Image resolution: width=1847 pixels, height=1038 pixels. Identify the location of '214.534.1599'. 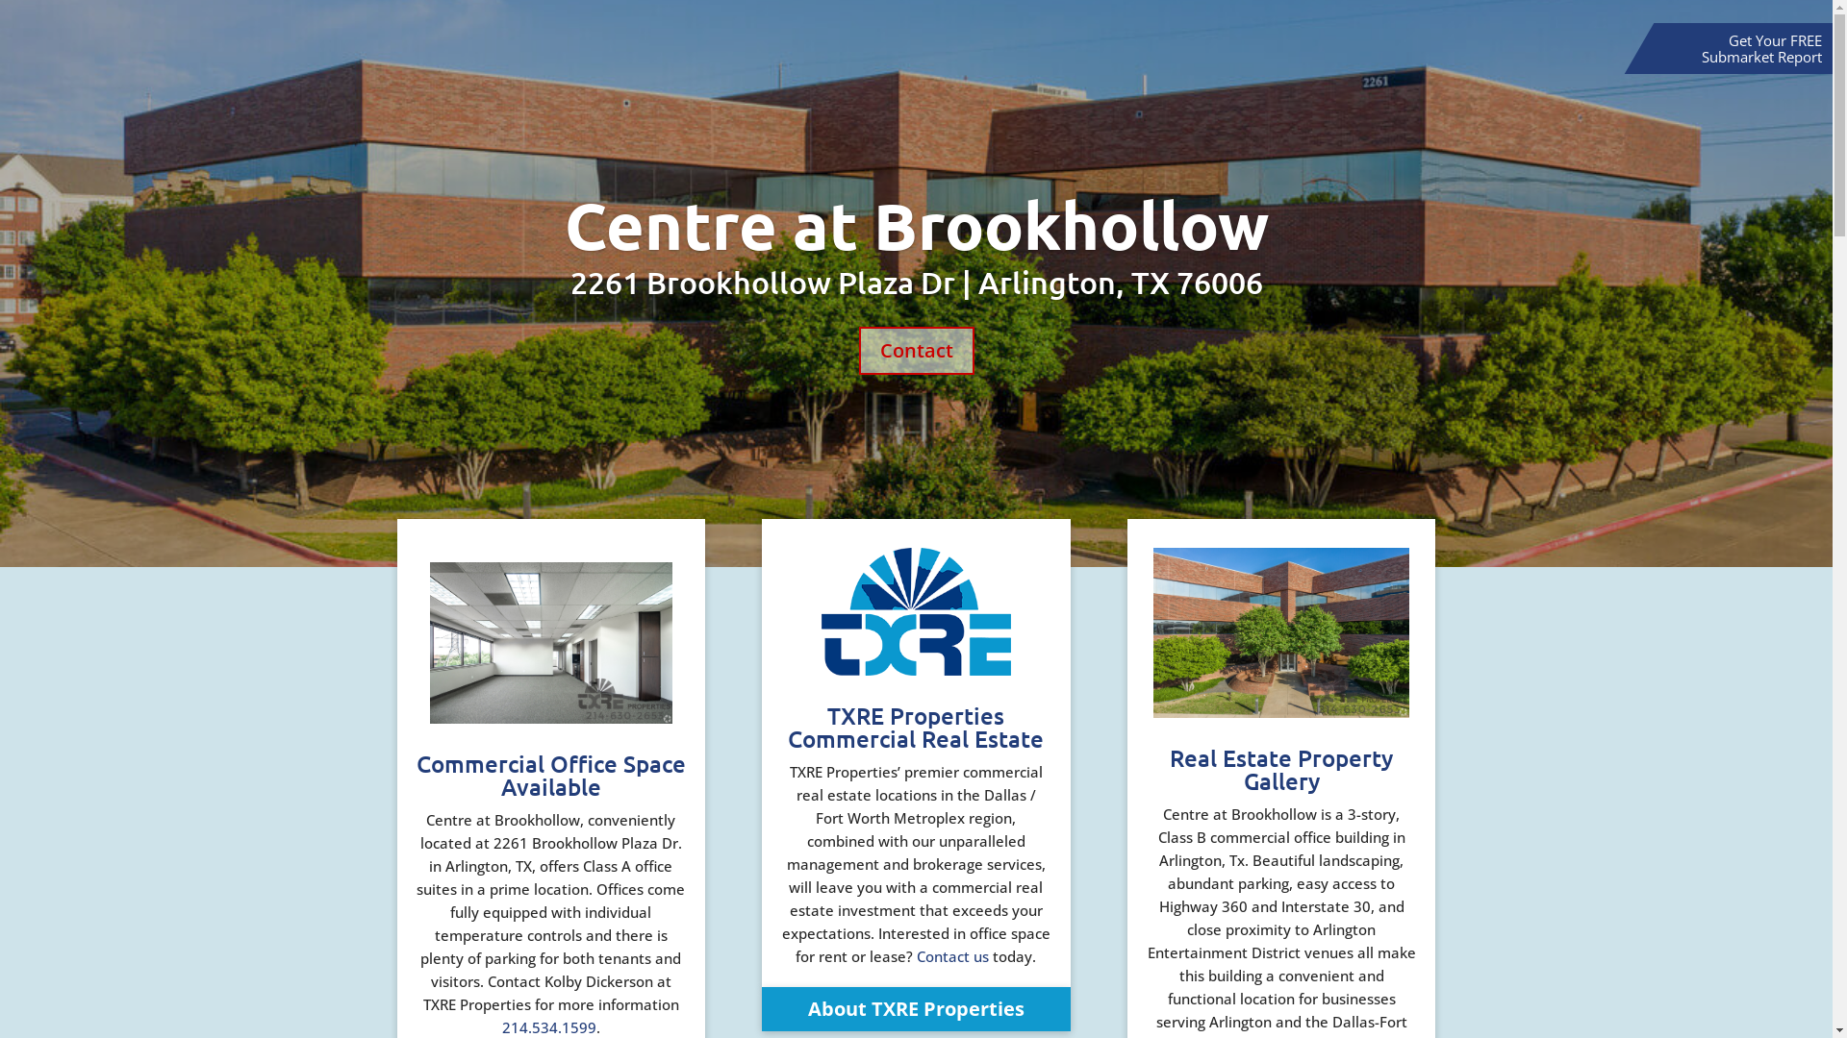
(502, 1026).